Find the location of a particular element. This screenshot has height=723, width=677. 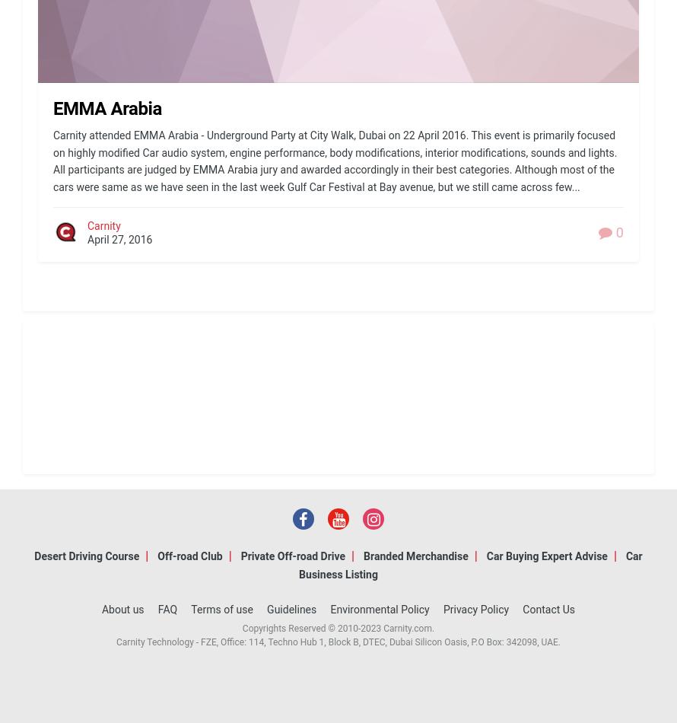

'Off-road Club' is located at coordinates (189, 556).